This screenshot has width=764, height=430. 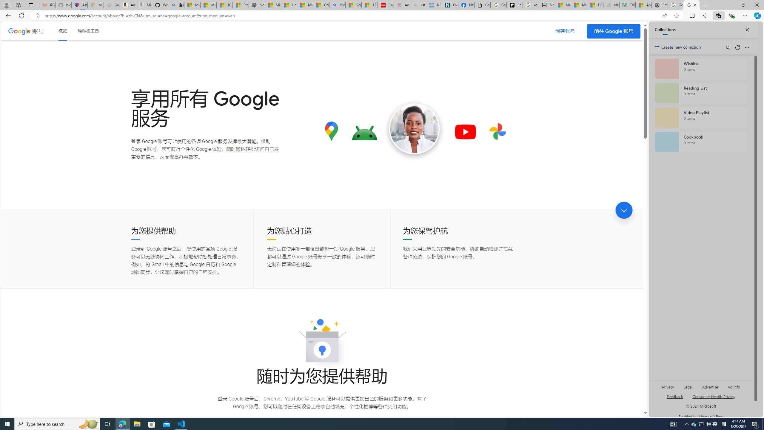 I want to click on 'Microsoft-Report a Concern to Bing - Sleeping', so click(x=95, y=5).